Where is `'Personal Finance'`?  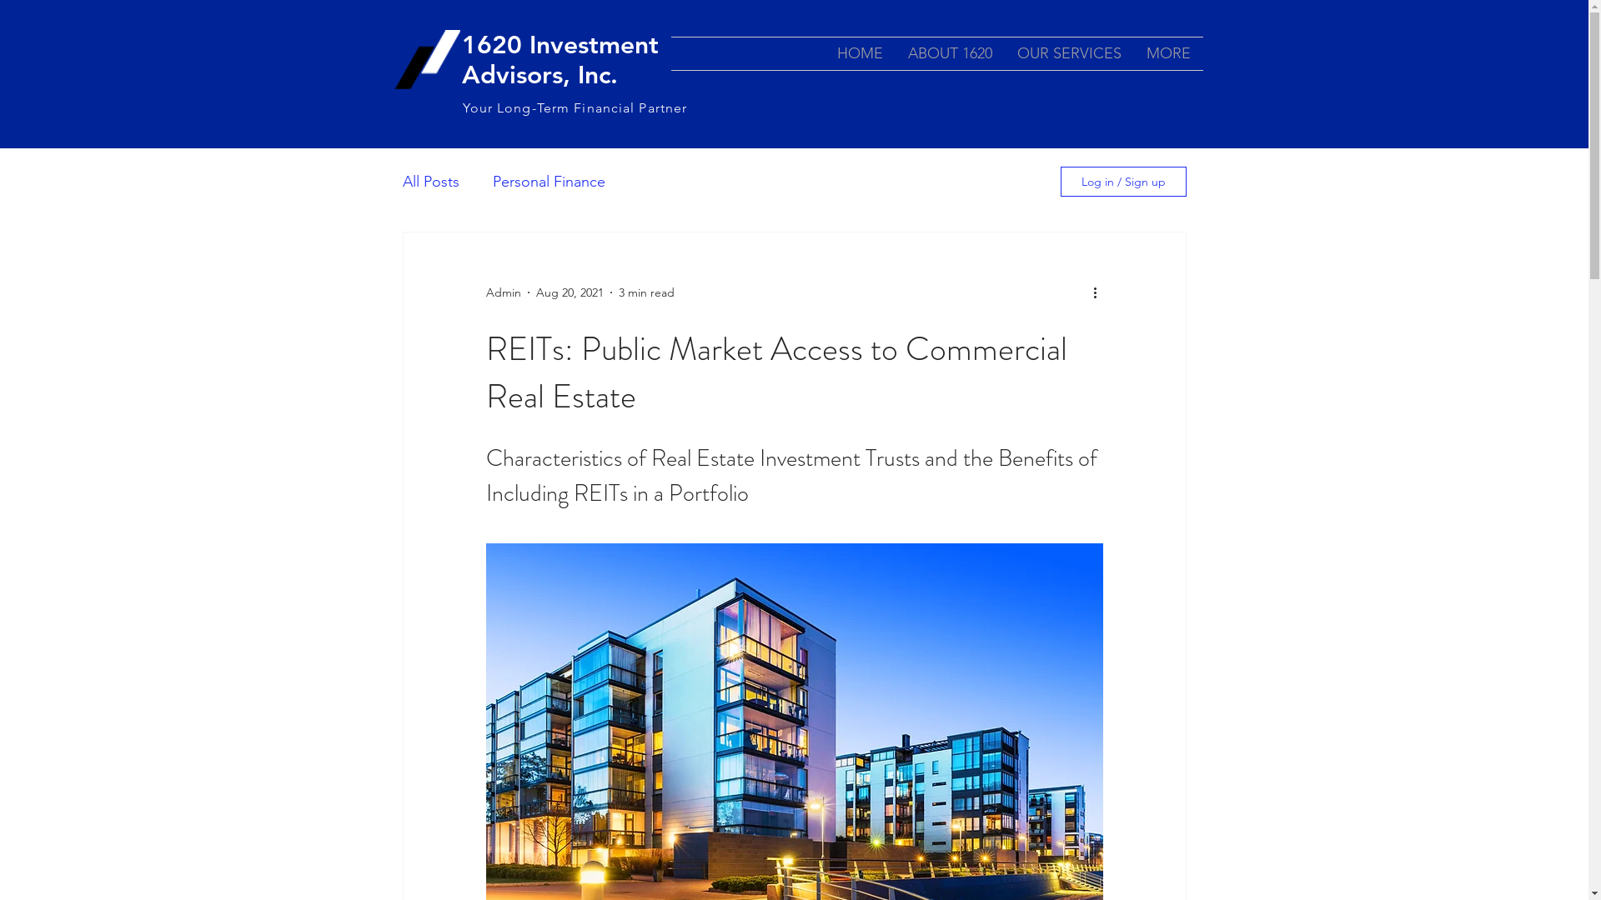 'Personal Finance' is located at coordinates (548, 182).